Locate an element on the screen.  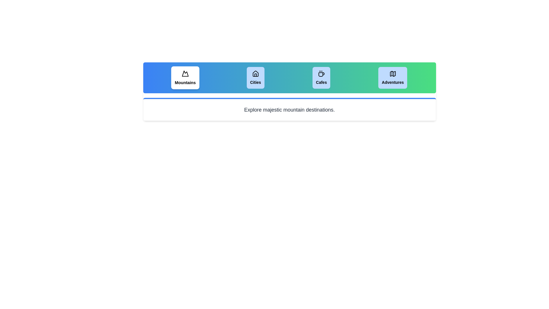
the tab labeled Mountains to view its content is located at coordinates (185, 78).